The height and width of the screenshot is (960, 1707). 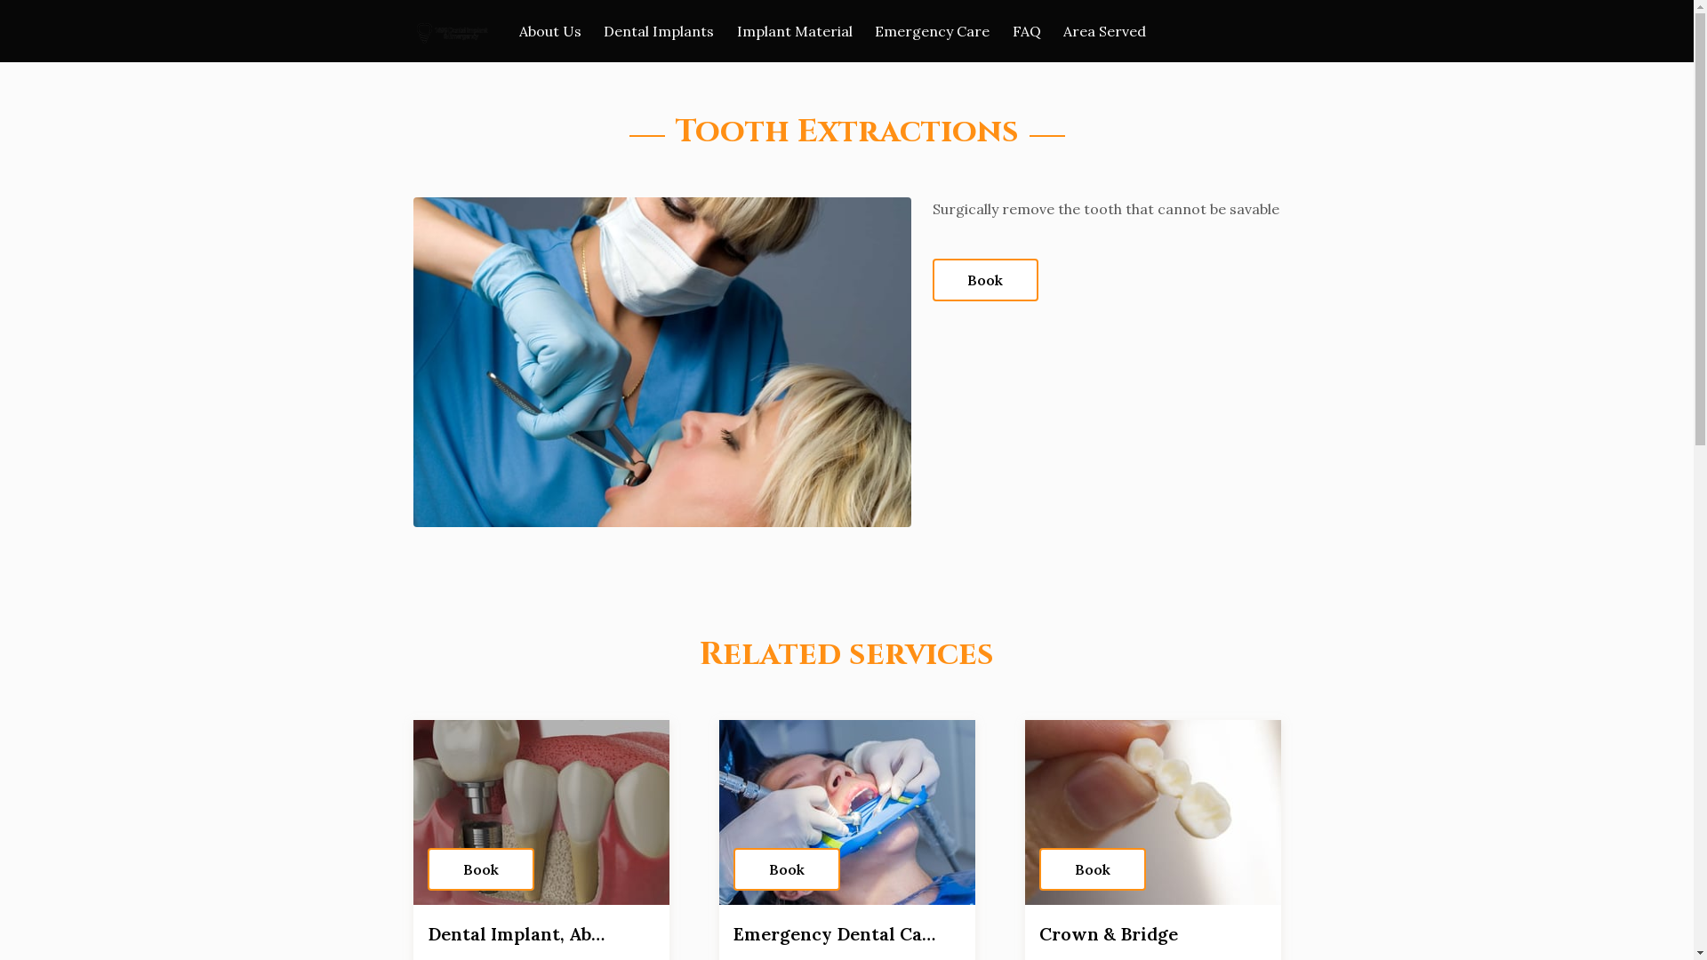 I want to click on 'Dental Implants', so click(x=657, y=30).